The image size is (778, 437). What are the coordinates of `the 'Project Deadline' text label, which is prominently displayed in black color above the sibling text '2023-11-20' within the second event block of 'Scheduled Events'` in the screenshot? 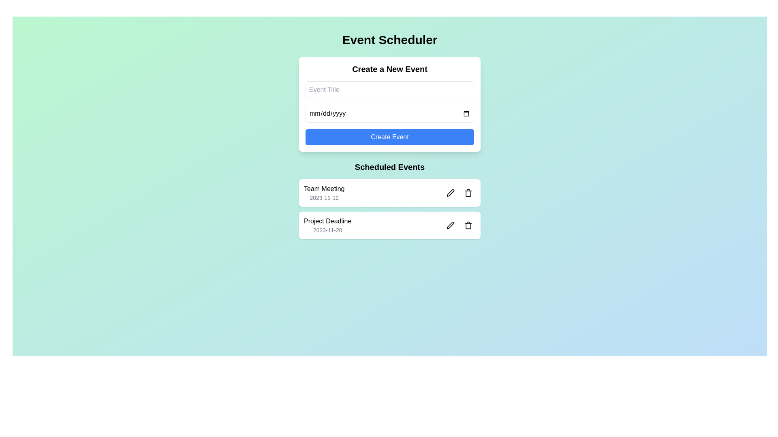 It's located at (327, 221).